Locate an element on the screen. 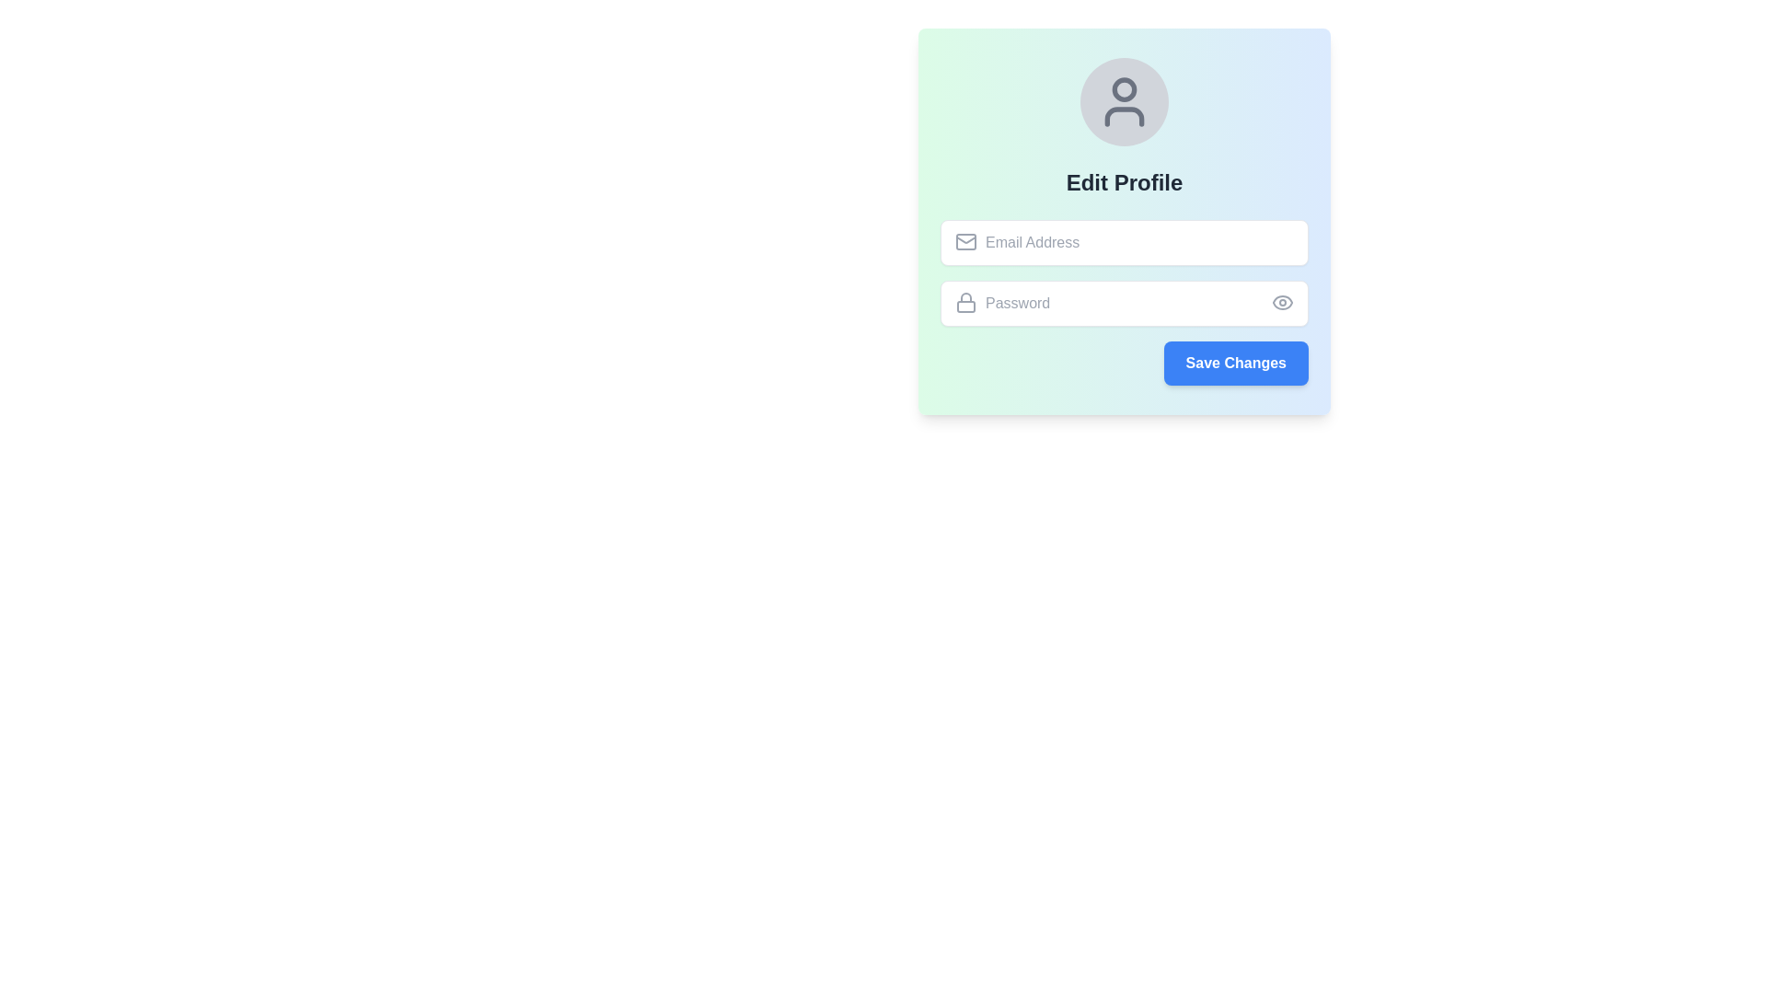 The image size is (1767, 994). the Password input field located below the email input field in the 'Edit Profile' section to focus on it is located at coordinates (1124, 303).